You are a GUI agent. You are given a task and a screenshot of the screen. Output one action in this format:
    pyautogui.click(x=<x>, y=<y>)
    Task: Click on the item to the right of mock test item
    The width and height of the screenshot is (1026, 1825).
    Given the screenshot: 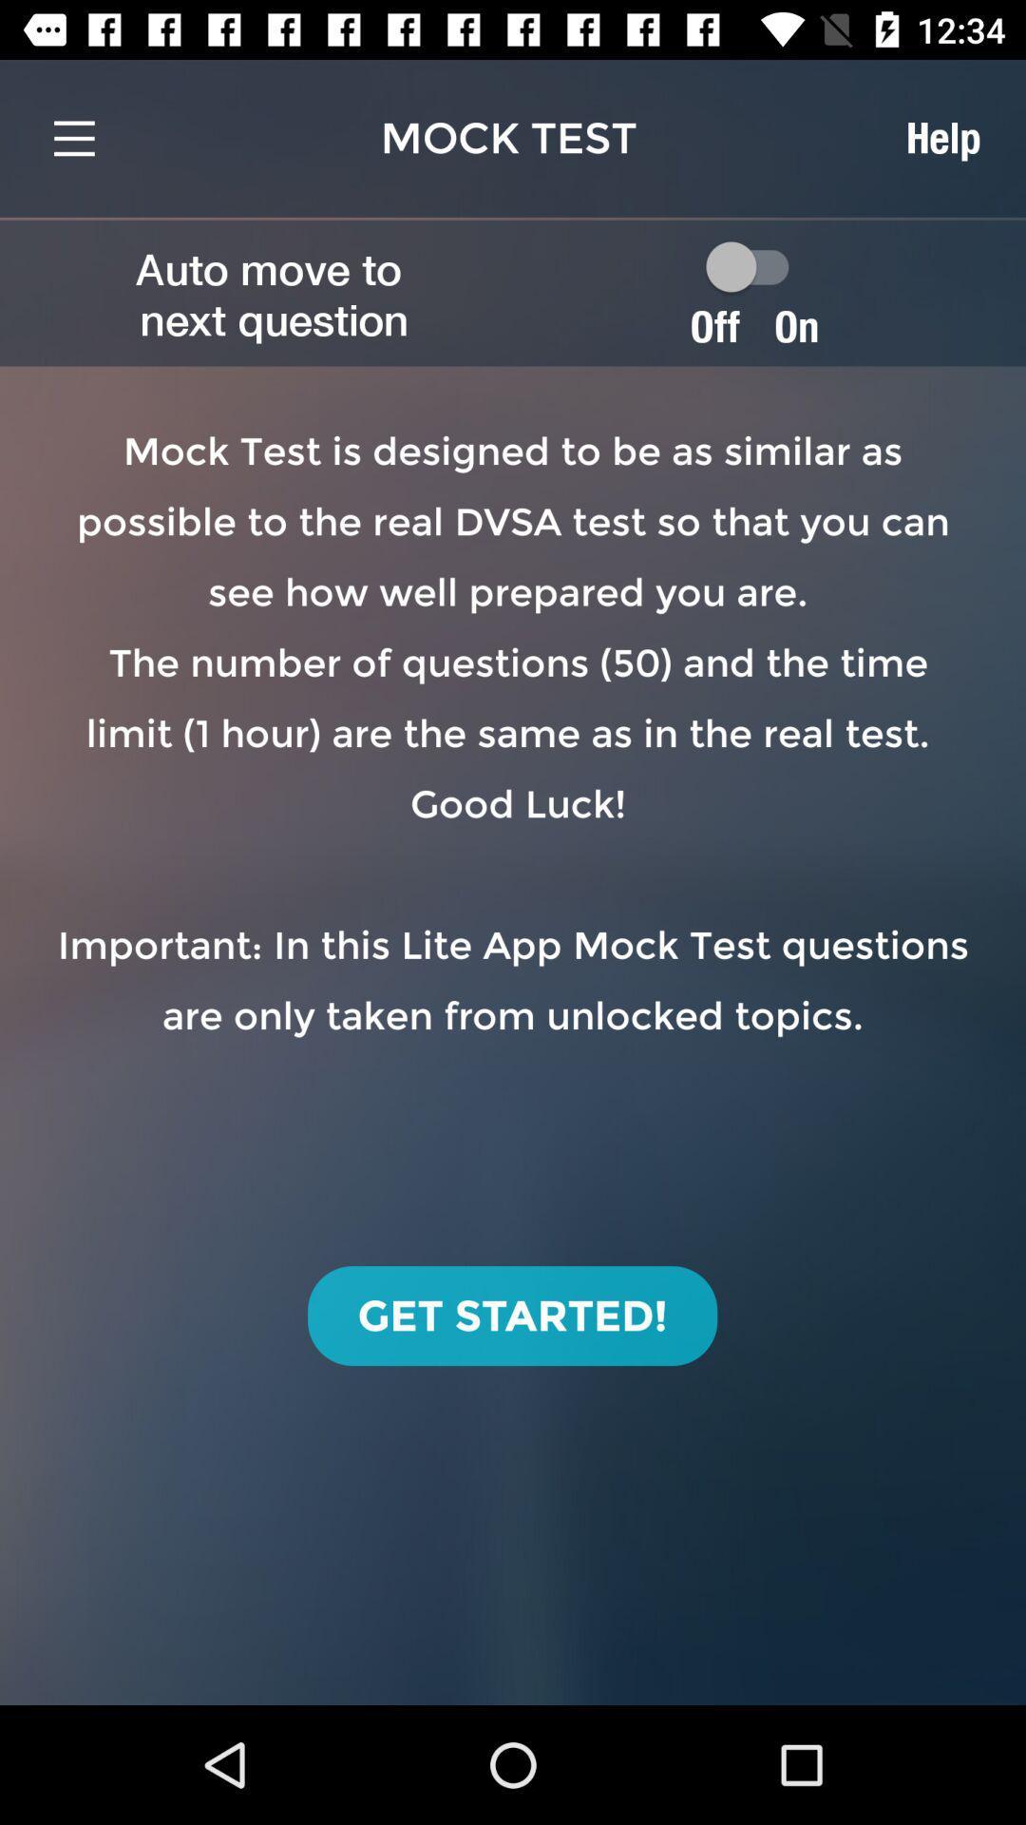 What is the action you would take?
    pyautogui.click(x=942, y=137)
    